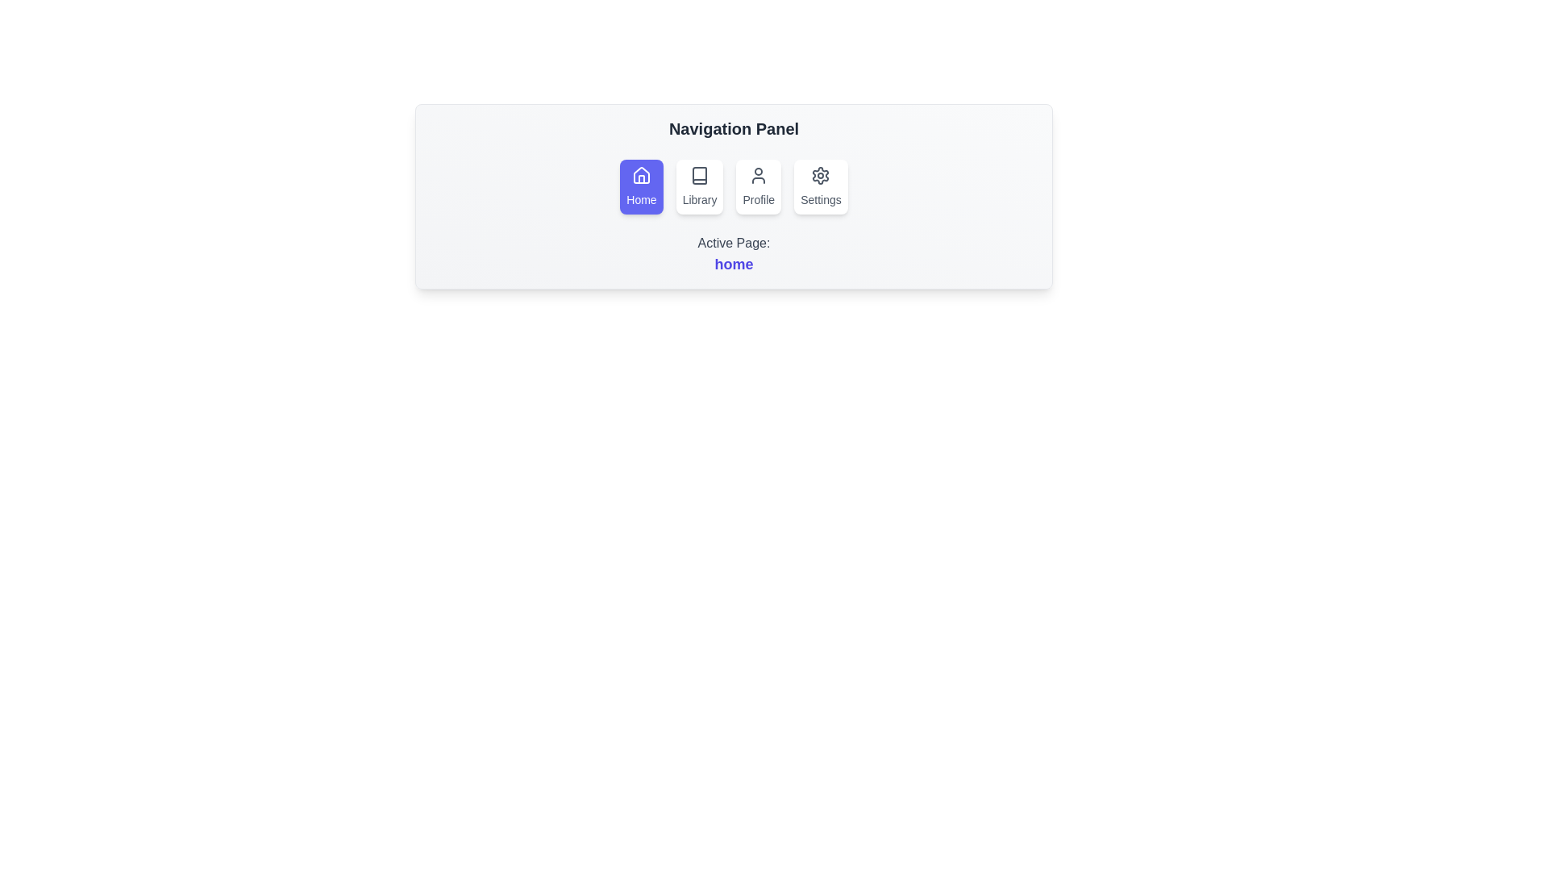 The height and width of the screenshot is (871, 1548). Describe the element at coordinates (821, 198) in the screenshot. I see `the text label that provides information about the settings button, located at the bottom center of the circular button with a gear icon in the fourth position of the top-horizontal navigation panel` at that location.